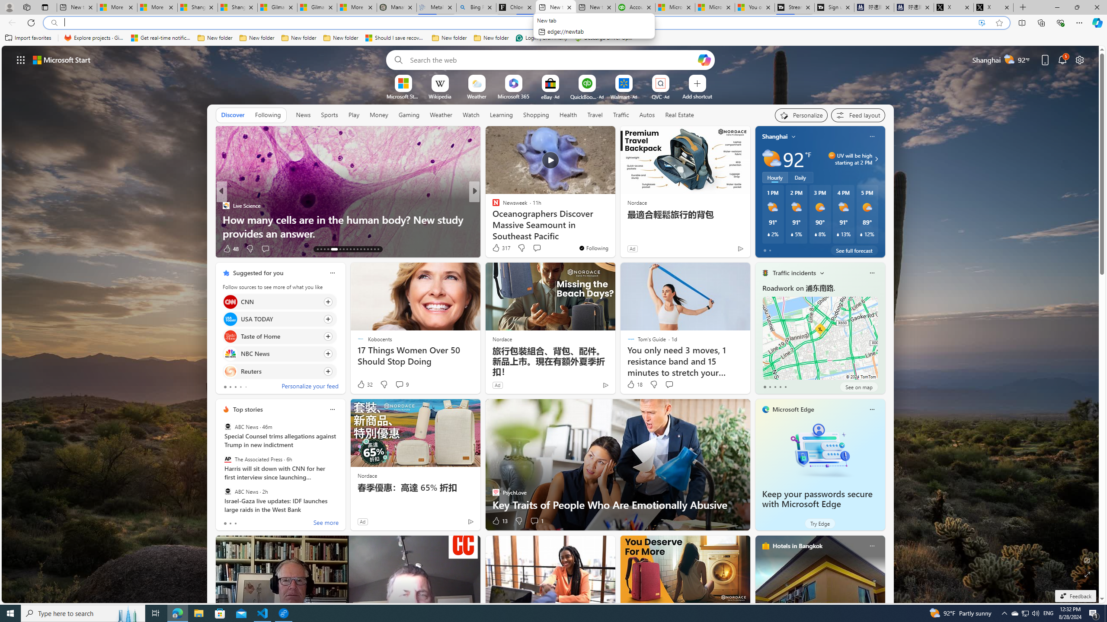 This screenshot has width=1107, height=622. I want to click on 'Hourly', so click(774, 177).